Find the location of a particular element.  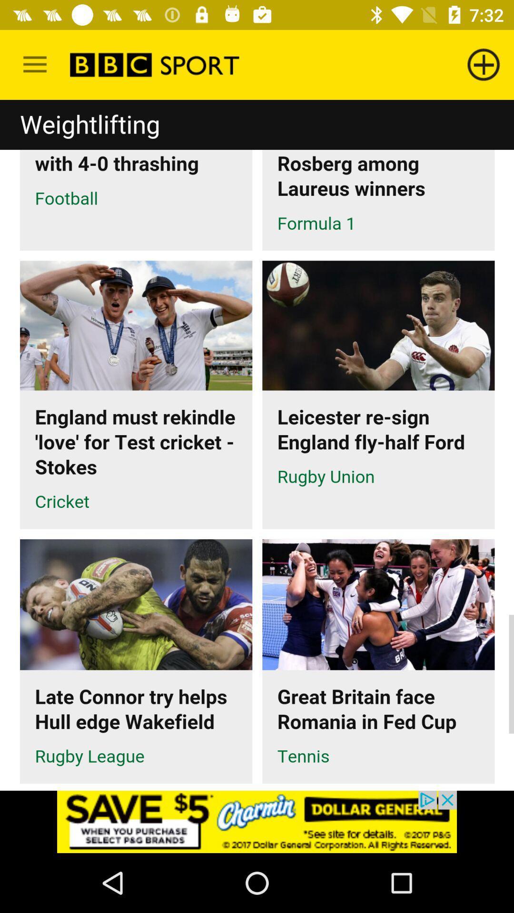

advertisement is located at coordinates (257, 821).